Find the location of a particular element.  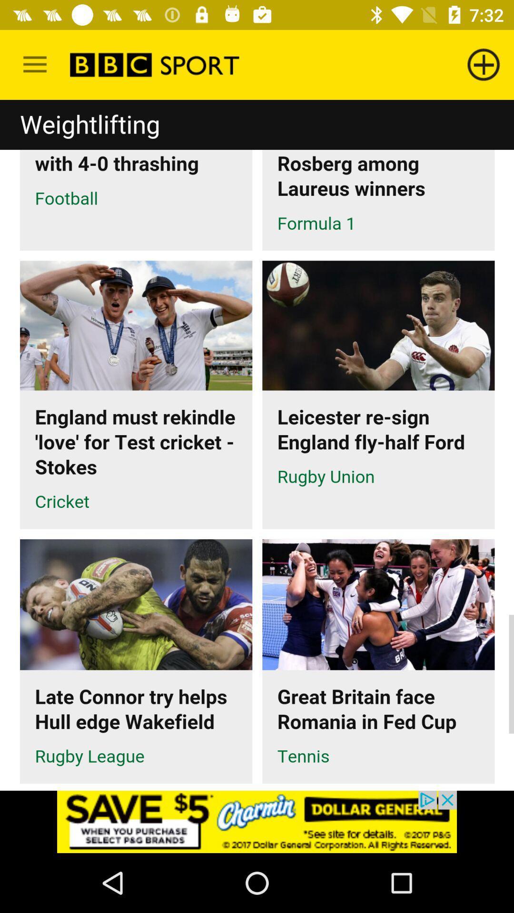

advertisement is located at coordinates (257, 821).